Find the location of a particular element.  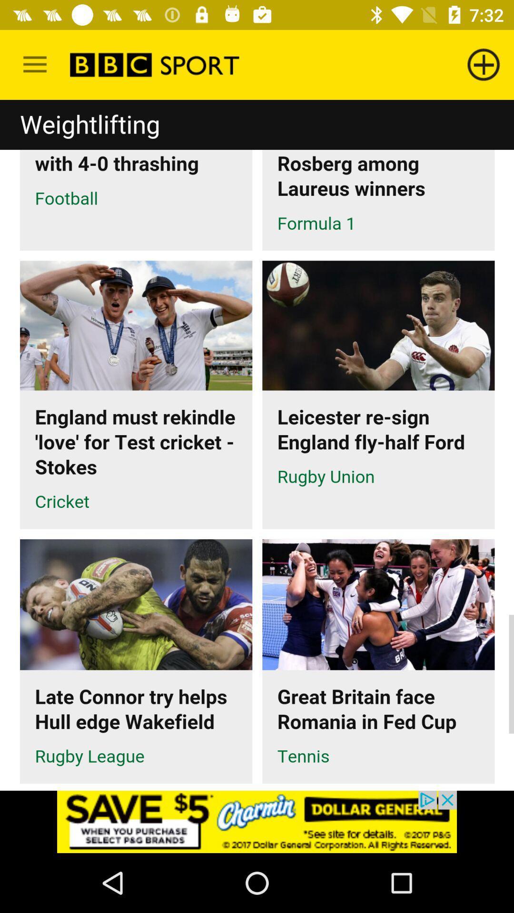

advertisement is located at coordinates (257, 821).